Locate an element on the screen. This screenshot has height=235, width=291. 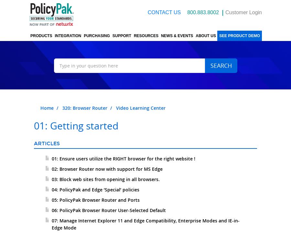
'SEARCH' is located at coordinates (221, 65).